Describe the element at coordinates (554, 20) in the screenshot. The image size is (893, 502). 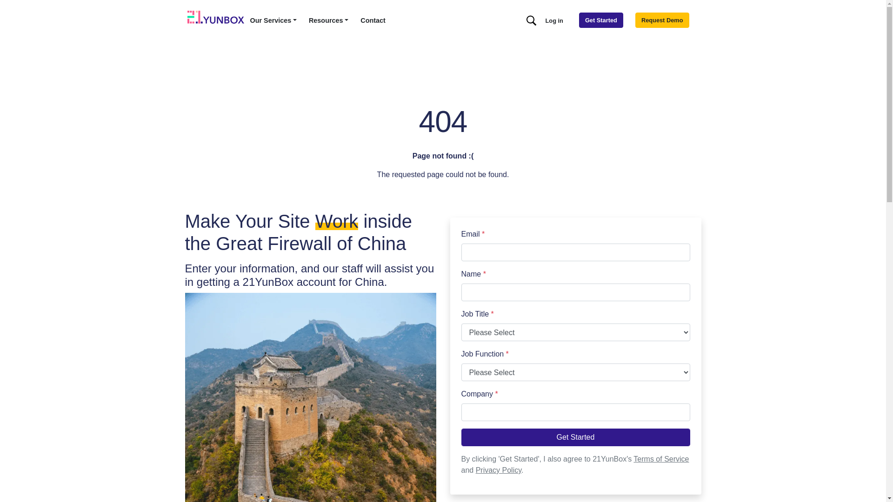
I see `'Log in'` at that location.